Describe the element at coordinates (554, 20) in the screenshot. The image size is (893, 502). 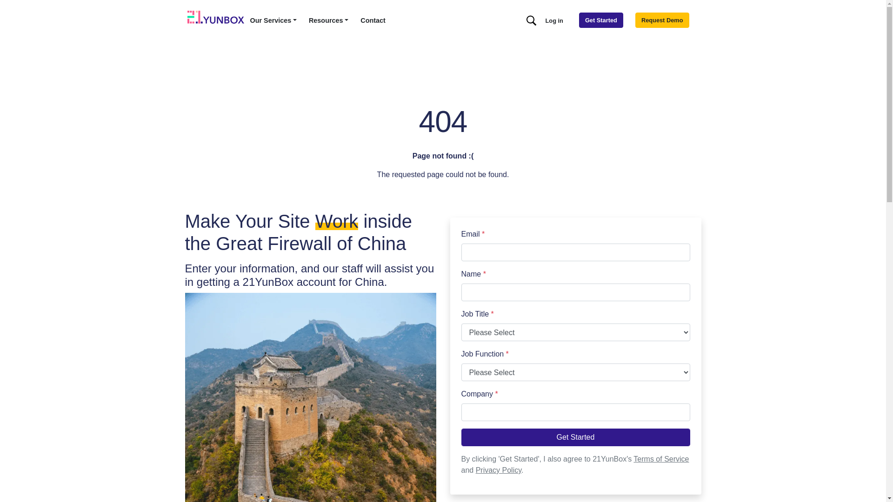
I see `'Log in'` at that location.